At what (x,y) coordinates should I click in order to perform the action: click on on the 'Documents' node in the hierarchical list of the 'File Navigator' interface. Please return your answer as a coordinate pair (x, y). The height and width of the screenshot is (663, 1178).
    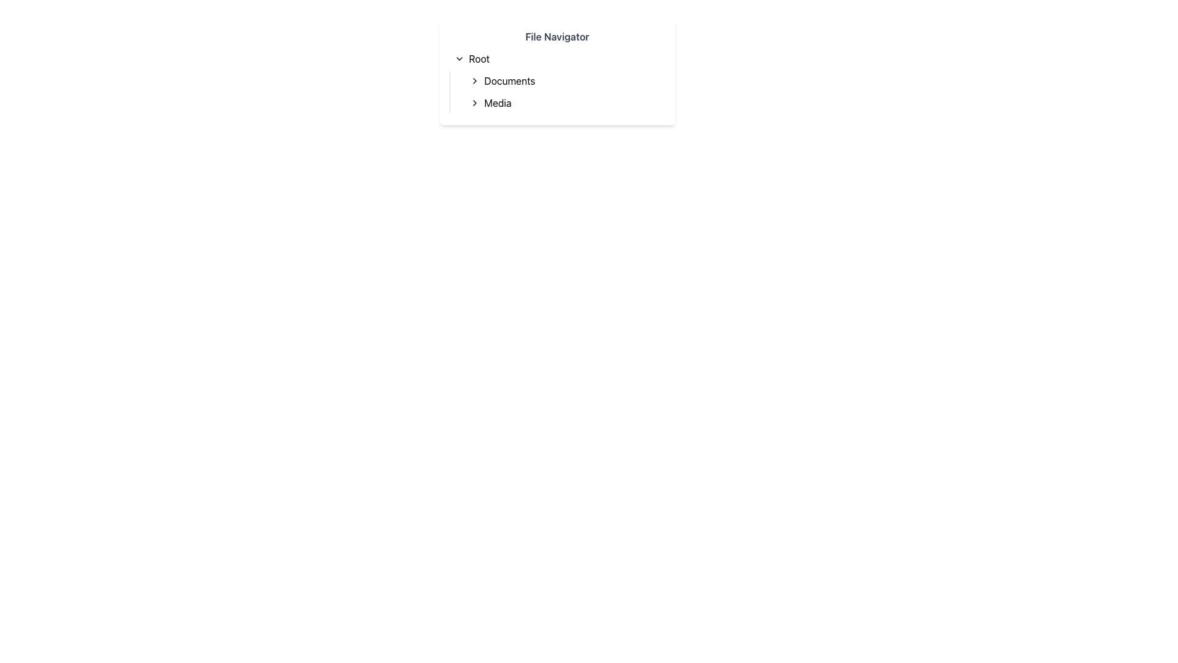
    Looking at the image, I should click on (556, 80).